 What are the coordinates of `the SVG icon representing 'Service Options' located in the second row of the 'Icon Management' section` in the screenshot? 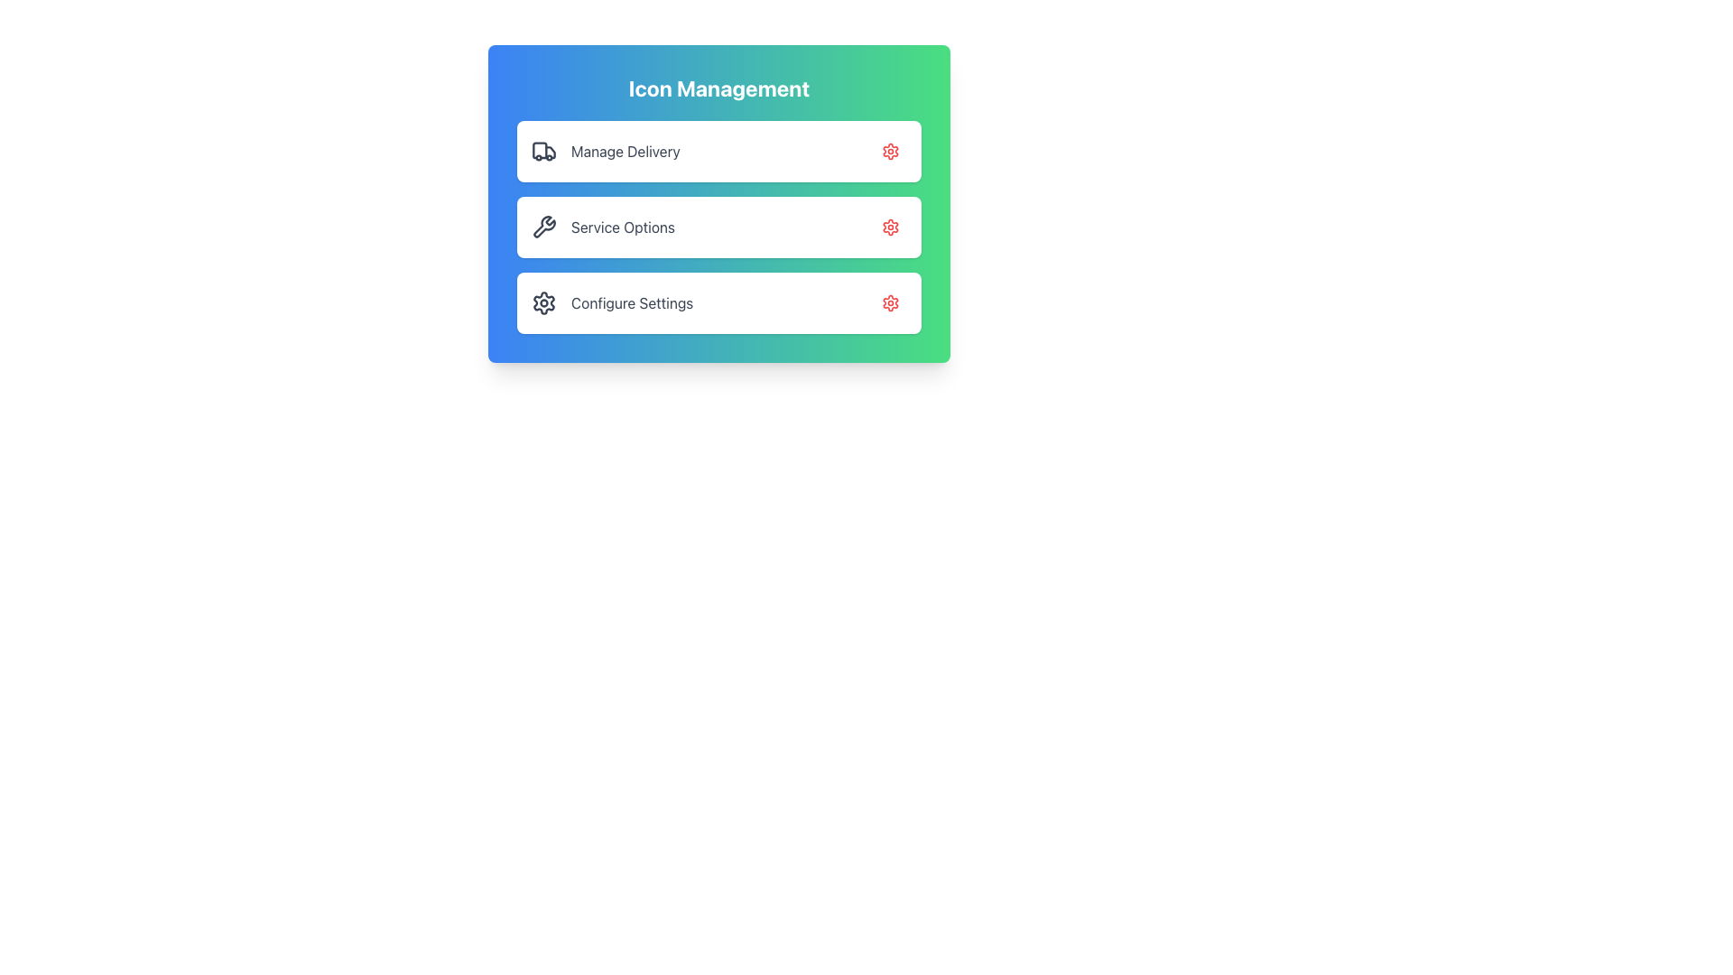 It's located at (543, 226).